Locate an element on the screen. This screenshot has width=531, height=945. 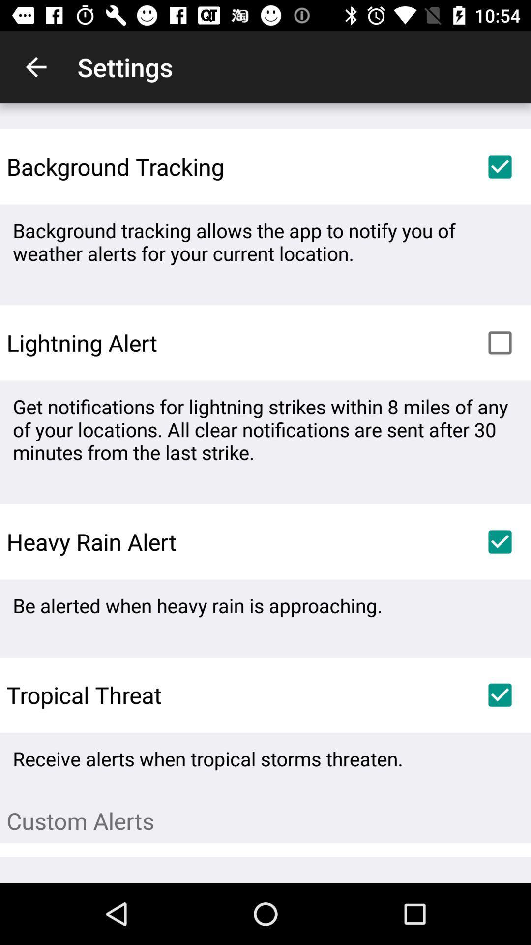
the item to the right of heavy rain alert icon is located at coordinates (500, 541).